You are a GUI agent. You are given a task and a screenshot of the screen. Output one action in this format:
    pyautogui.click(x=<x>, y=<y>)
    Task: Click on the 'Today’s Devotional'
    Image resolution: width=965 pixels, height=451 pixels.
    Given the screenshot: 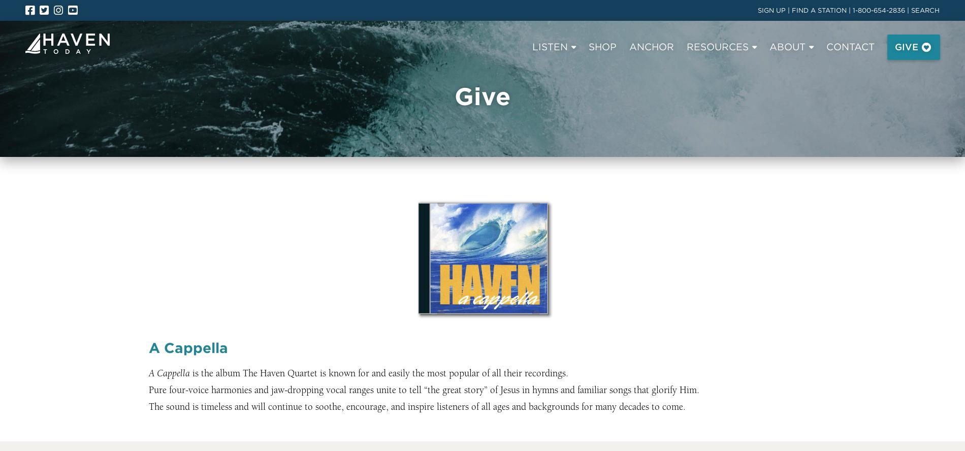 What is the action you would take?
    pyautogui.click(x=185, y=223)
    